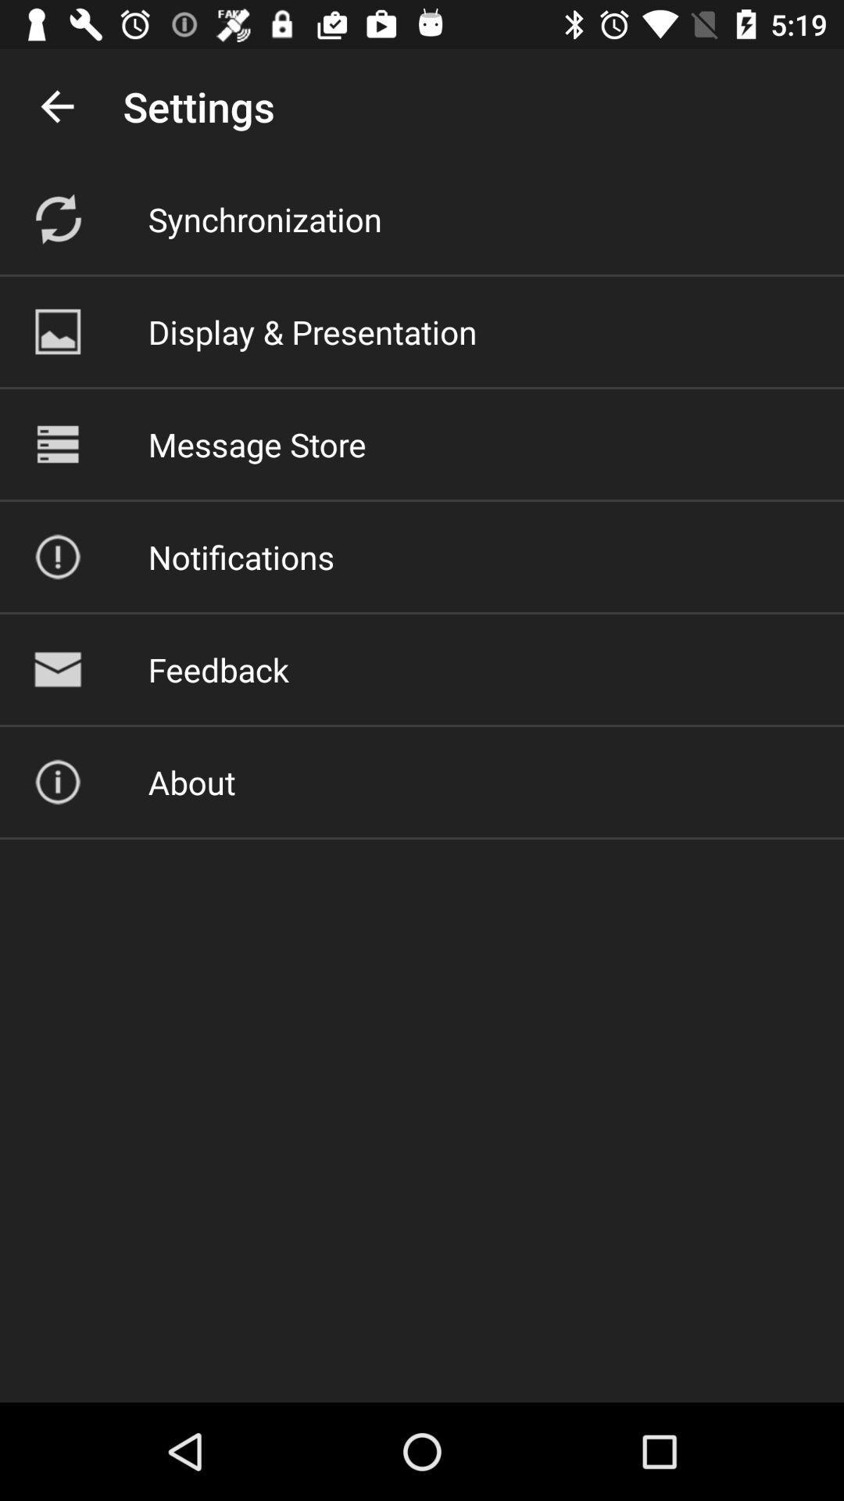 Image resolution: width=844 pixels, height=1501 pixels. What do you see at coordinates (56, 106) in the screenshot?
I see `the item to the left of settings item` at bounding box center [56, 106].